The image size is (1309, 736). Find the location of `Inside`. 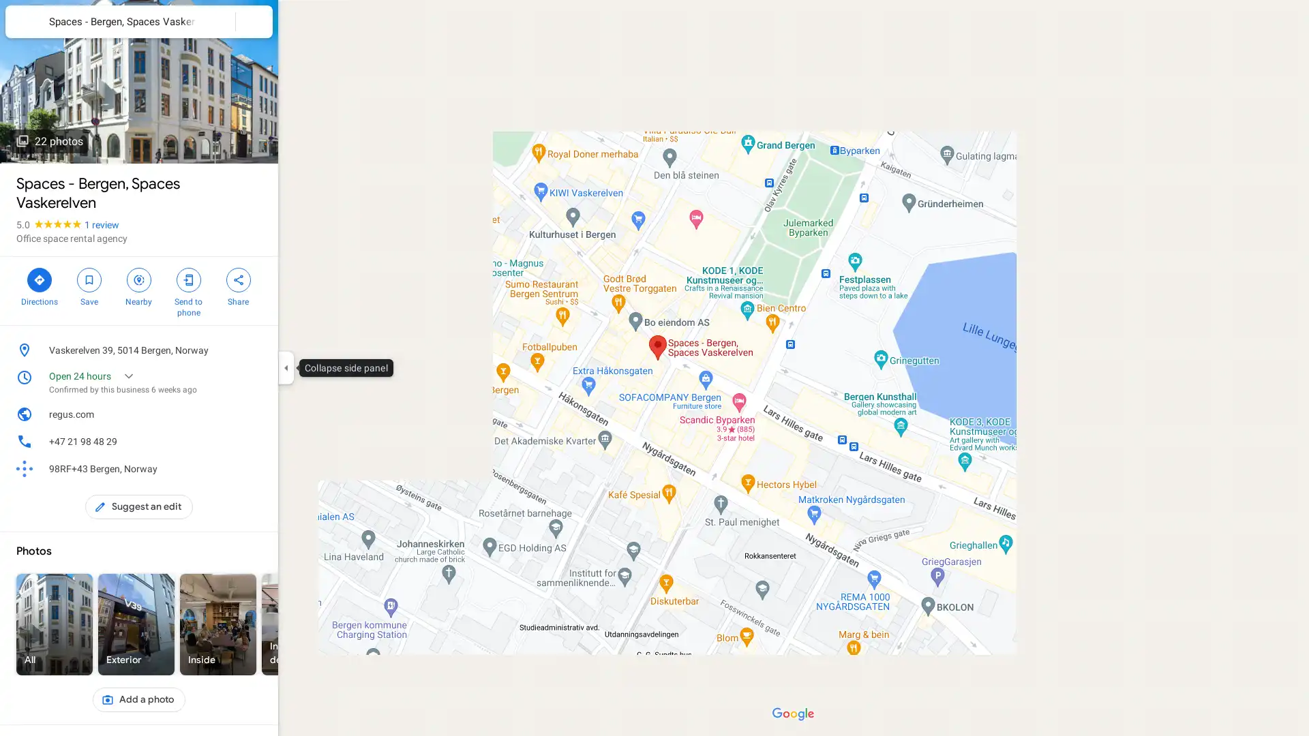

Inside is located at coordinates (218, 624).